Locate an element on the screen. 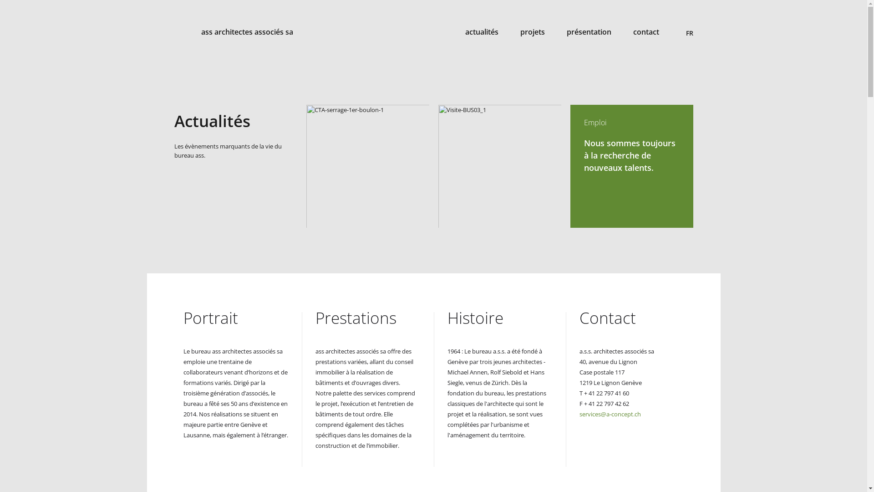 The height and width of the screenshot is (492, 874). 'Search' is located at coordinates (688, 17).